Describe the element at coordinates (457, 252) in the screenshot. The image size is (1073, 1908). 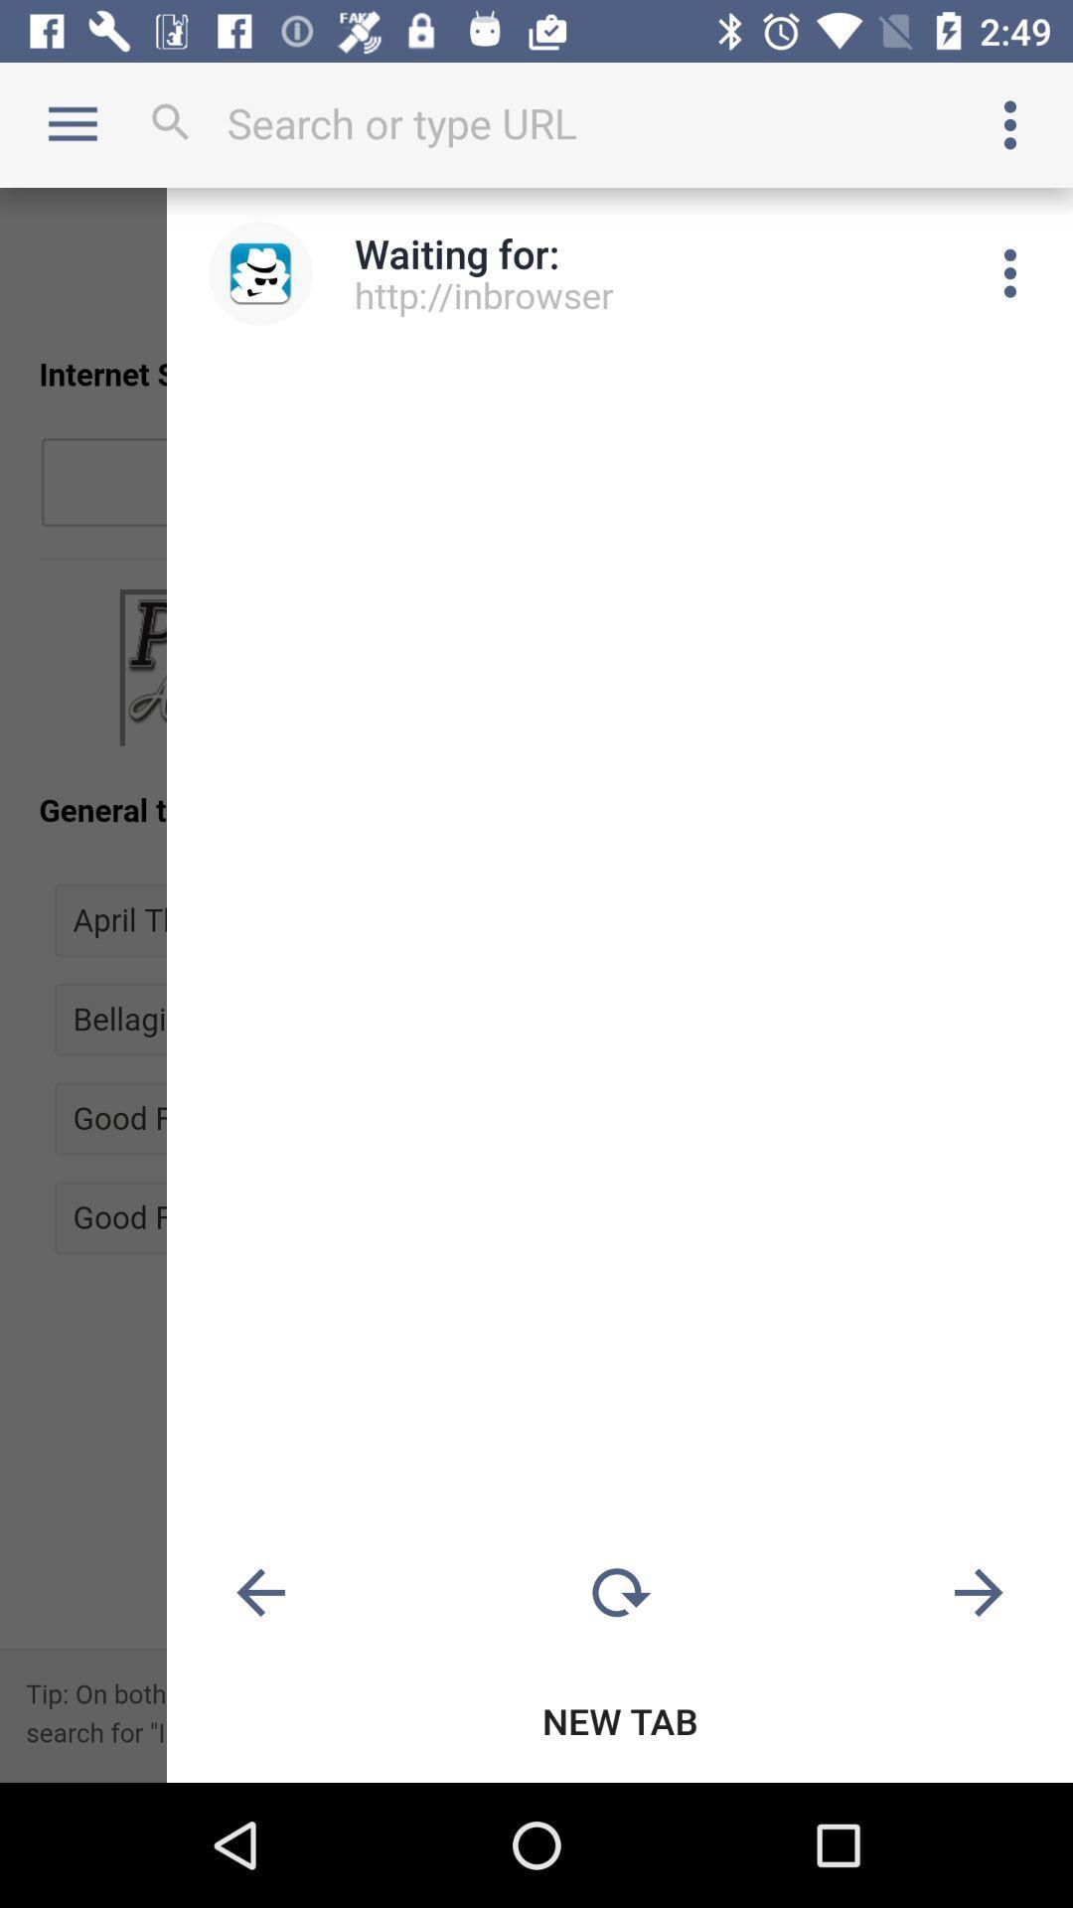
I see `the waiting for: icon` at that location.